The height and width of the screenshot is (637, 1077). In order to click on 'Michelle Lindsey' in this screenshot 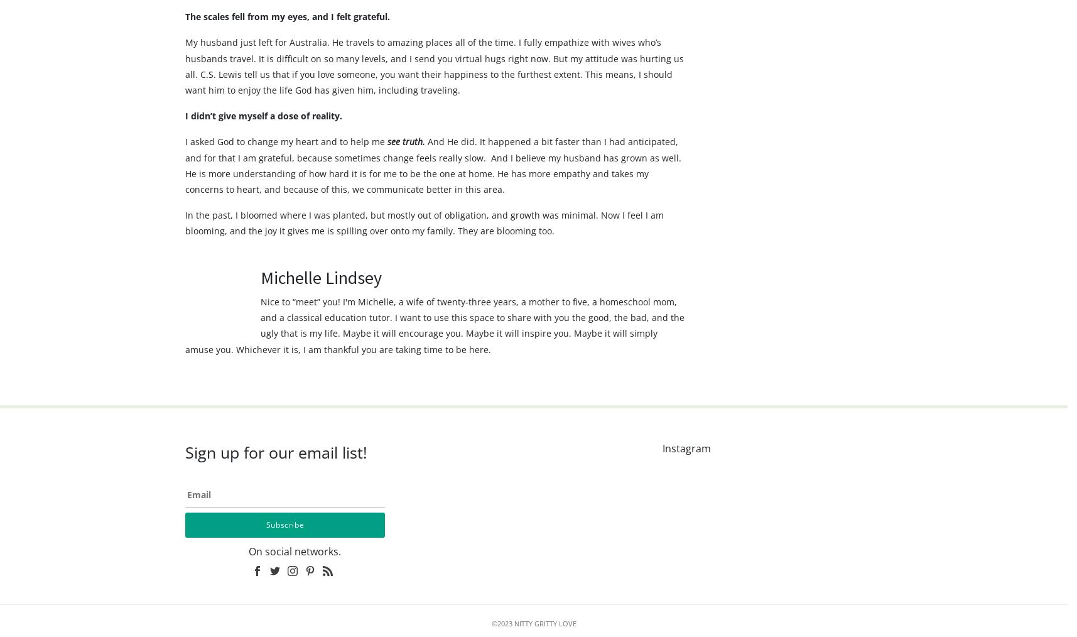, I will do `click(320, 302)`.